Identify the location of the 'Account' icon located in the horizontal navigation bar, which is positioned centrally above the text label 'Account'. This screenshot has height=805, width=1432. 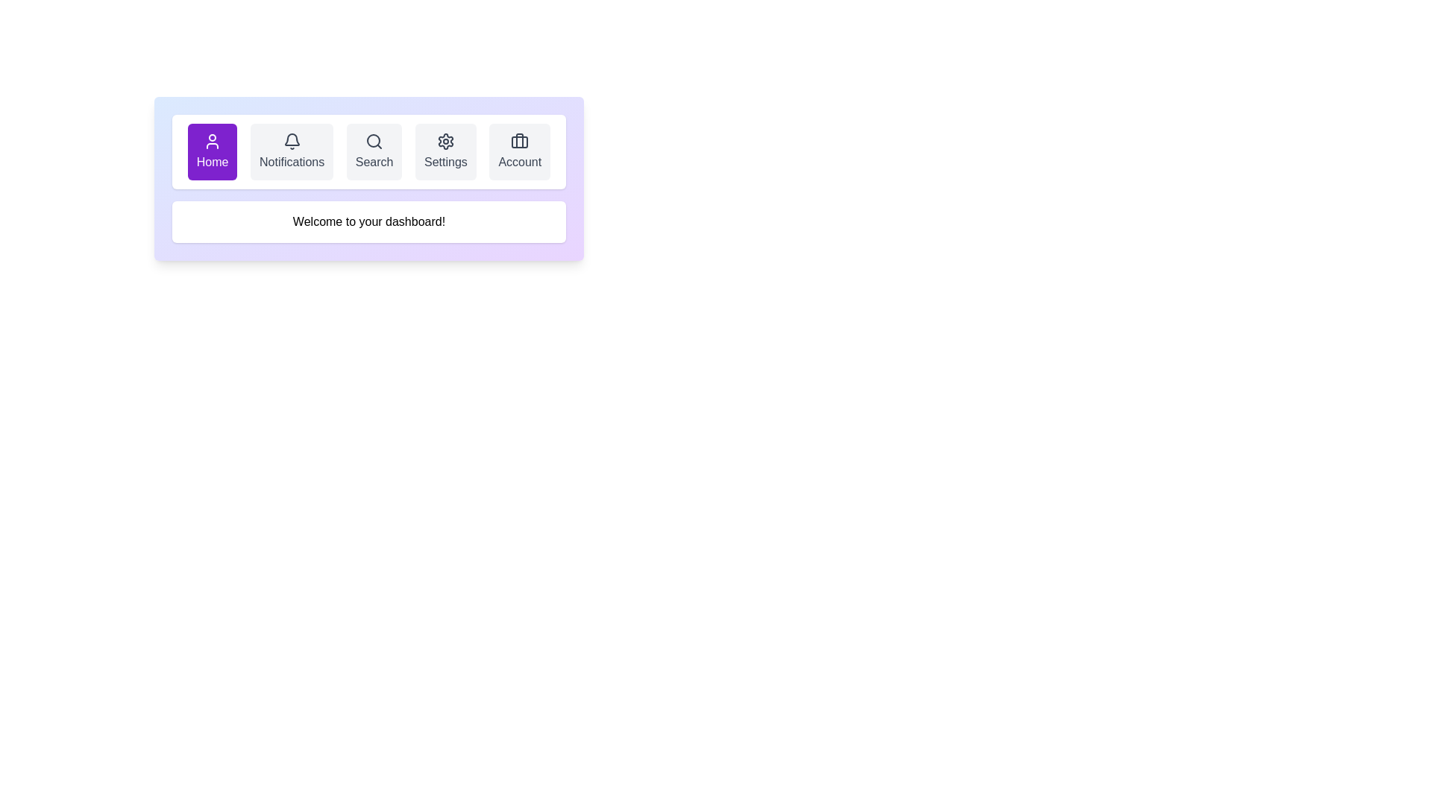
(520, 141).